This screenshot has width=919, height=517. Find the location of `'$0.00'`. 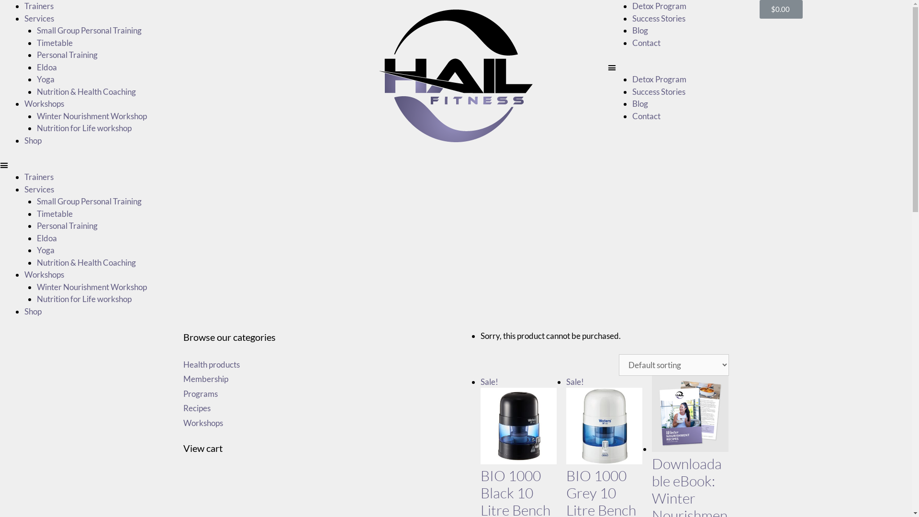

'$0.00' is located at coordinates (781, 9).